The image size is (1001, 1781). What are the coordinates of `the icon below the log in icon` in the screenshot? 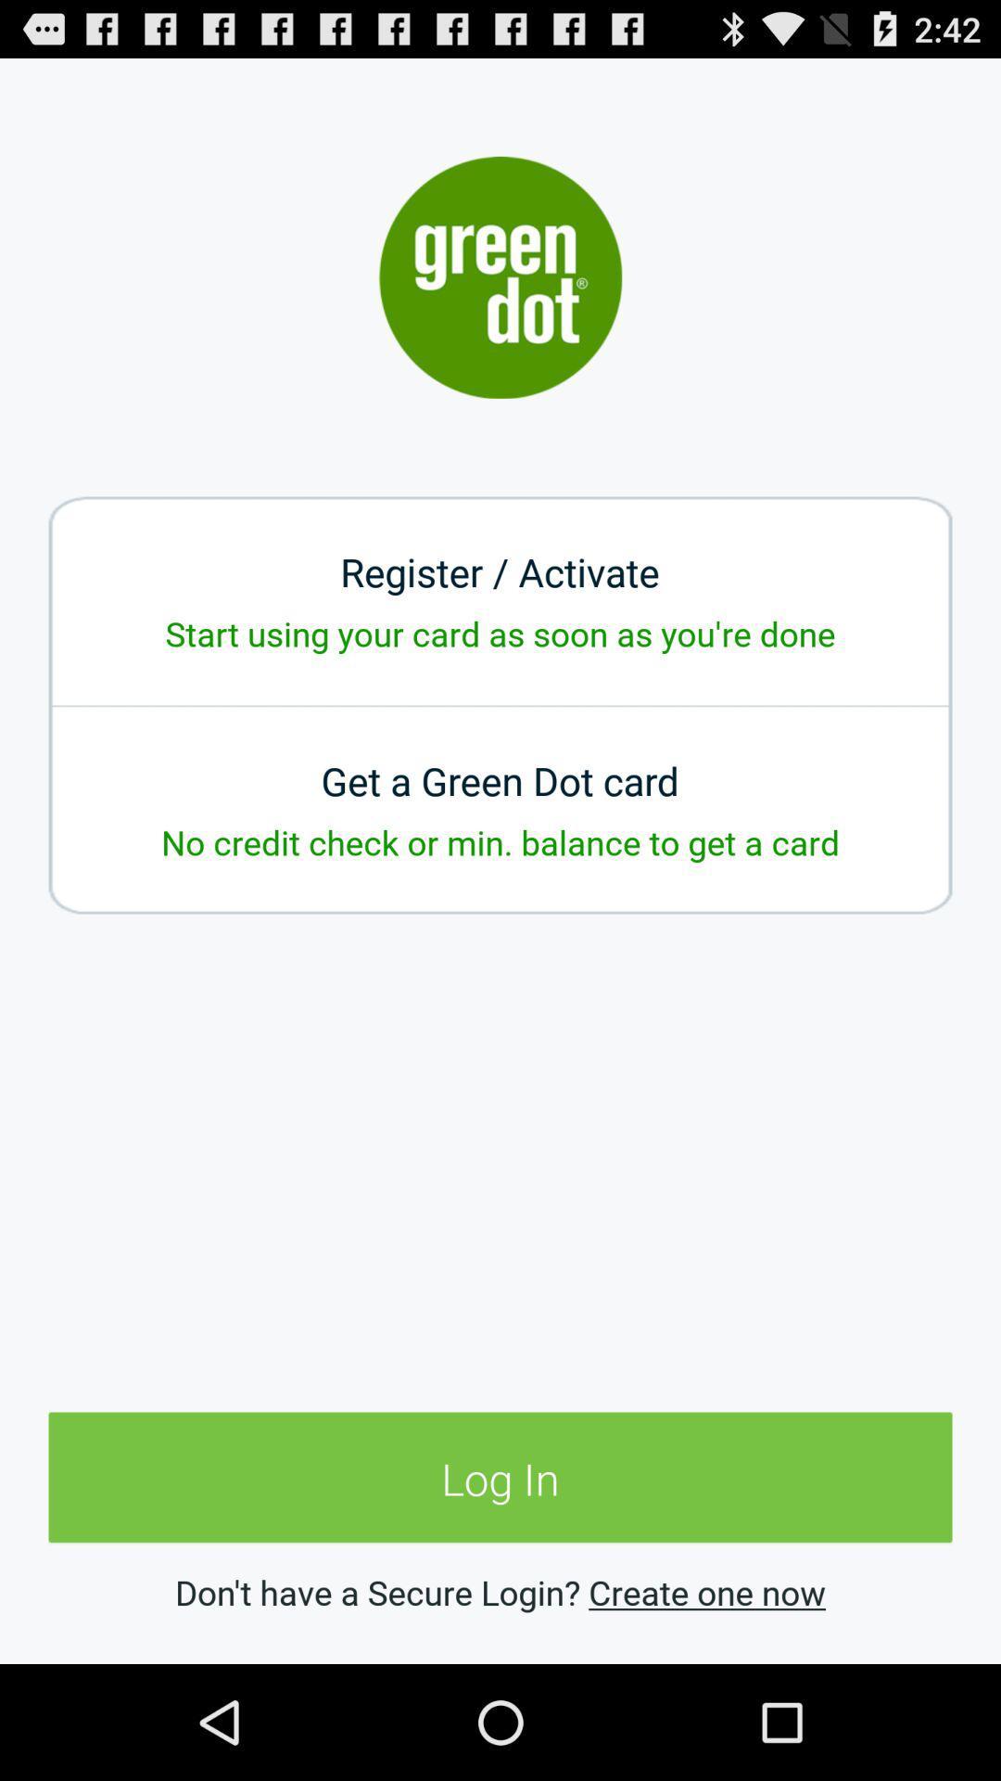 It's located at (707, 1591).